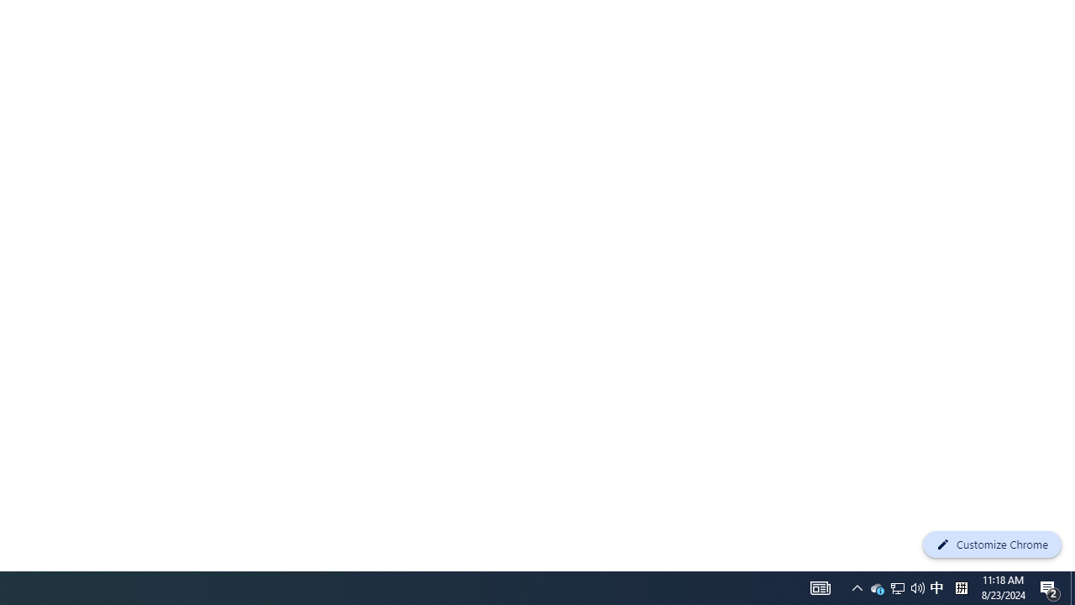  I want to click on 'Customize Chrome', so click(992, 544).